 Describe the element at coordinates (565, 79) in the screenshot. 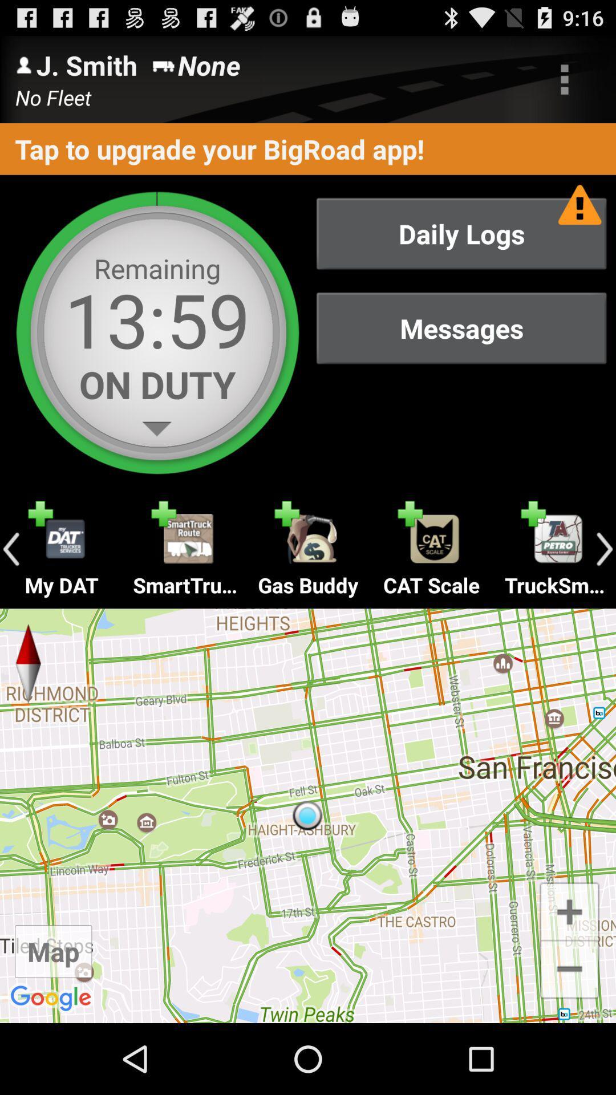

I see `item to the right of none  item` at that location.